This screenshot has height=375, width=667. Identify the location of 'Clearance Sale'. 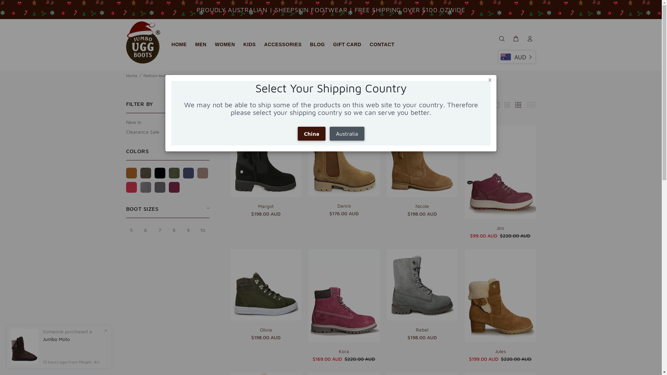
(167, 131).